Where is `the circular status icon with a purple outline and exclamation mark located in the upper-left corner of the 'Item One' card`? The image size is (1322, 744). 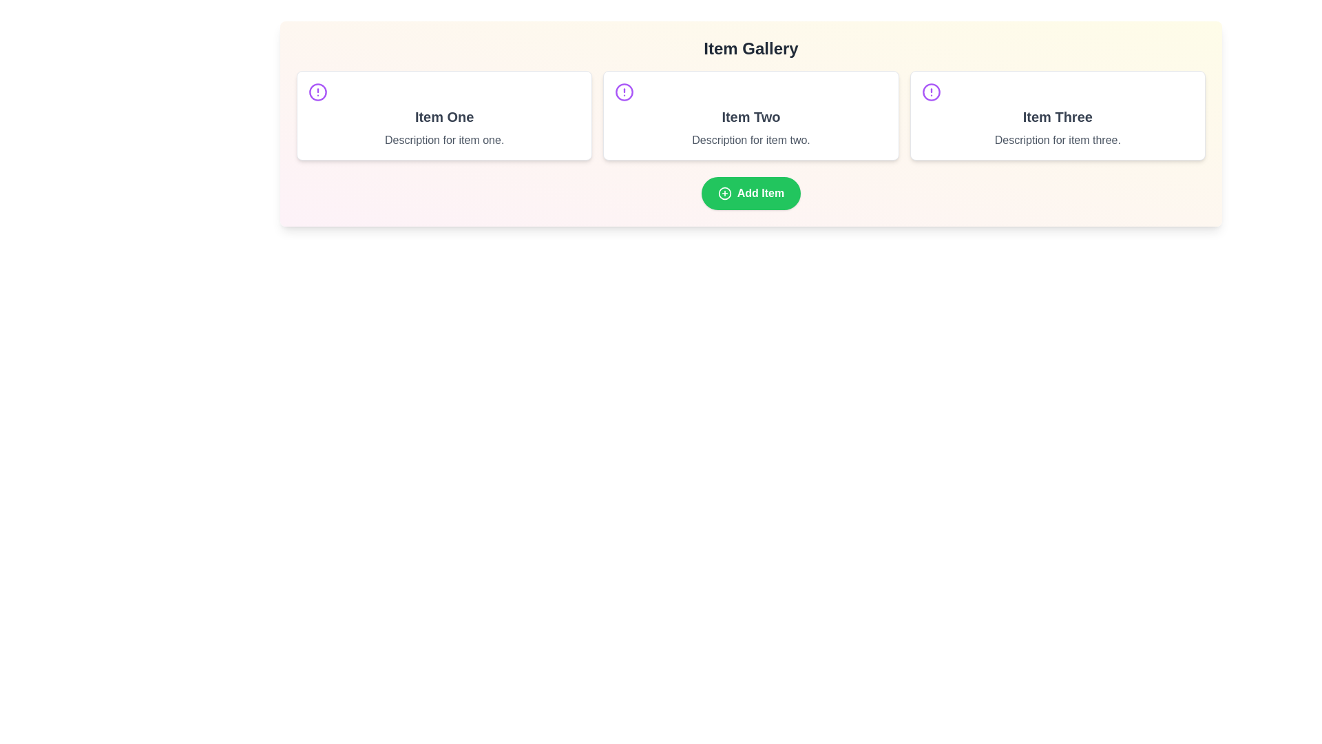
the circular status icon with a purple outline and exclamation mark located in the upper-left corner of the 'Item One' card is located at coordinates (317, 92).